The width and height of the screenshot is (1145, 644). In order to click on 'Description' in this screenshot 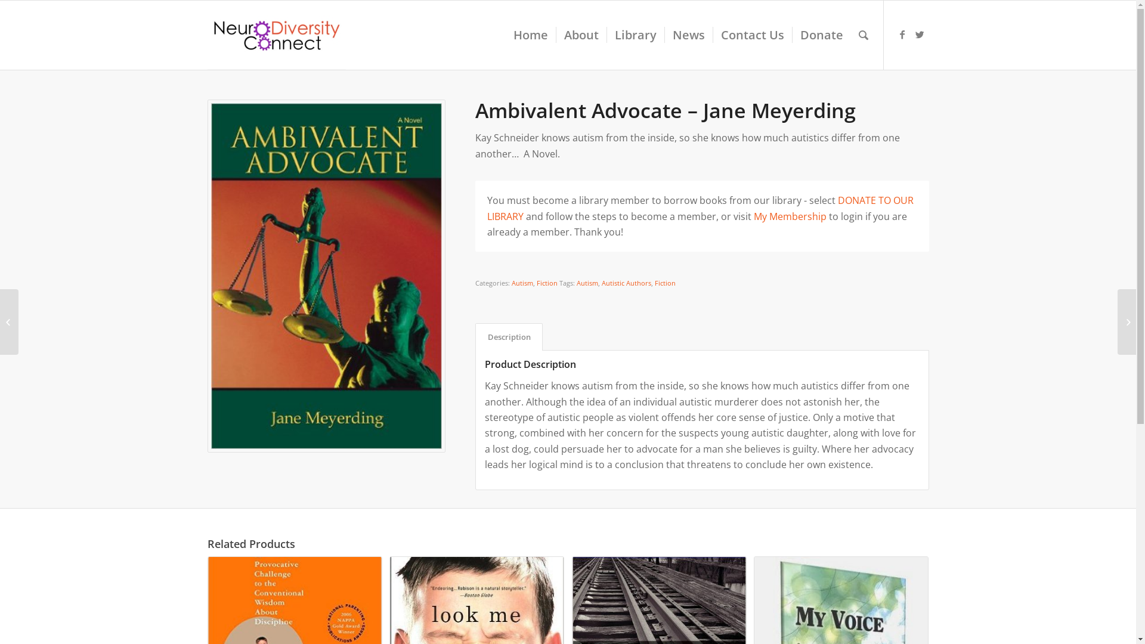, I will do `click(509, 336)`.